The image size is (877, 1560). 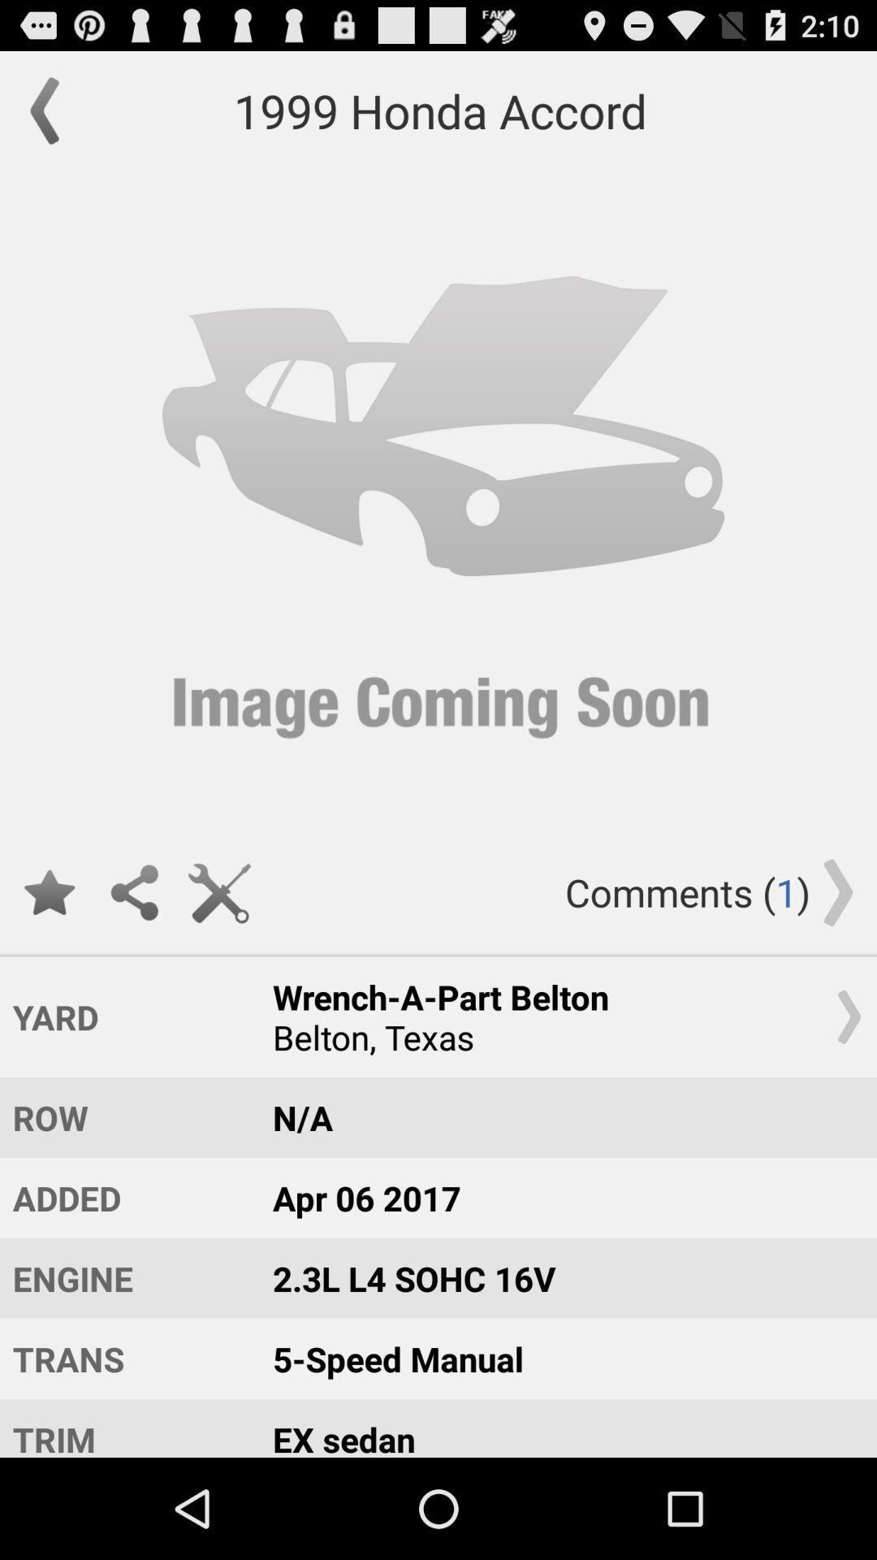 What do you see at coordinates (559, 1358) in the screenshot?
I see `5-speed manual item` at bounding box center [559, 1358].